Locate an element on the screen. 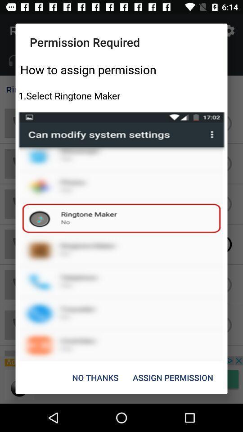 This screenshot has height=432, width=243. item to the left of the assign permission item is located at coordinates (95, 378).